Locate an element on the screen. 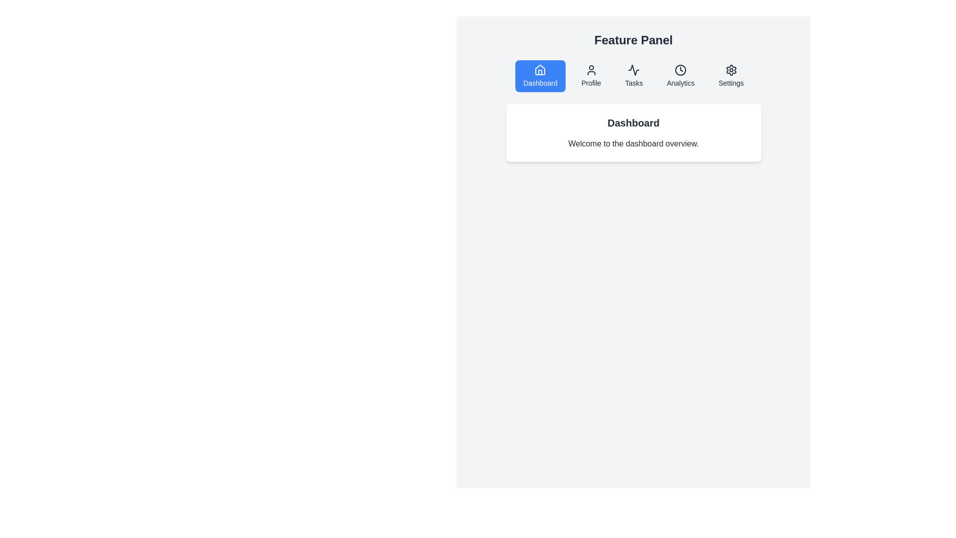 The width and height of the screenshot is (956, 538). static text element that displays 'Welcome to the dashboard overview.' located below the 'Dashboard' heading is located at coordinates (633, 144).